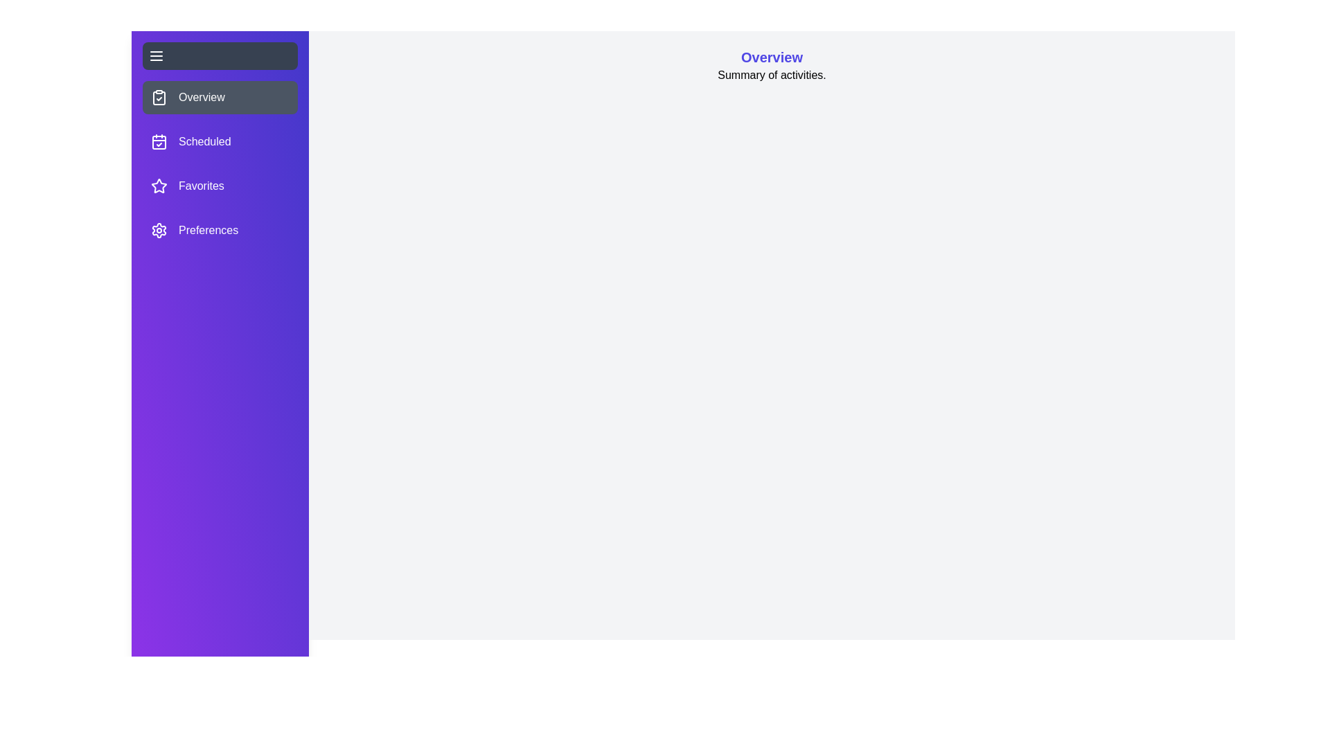 The height and width of the screenshot is (748, 1330). I want to click on the toggle button located at the top left of the drawer to toggle its visibility, so click(219, 55).